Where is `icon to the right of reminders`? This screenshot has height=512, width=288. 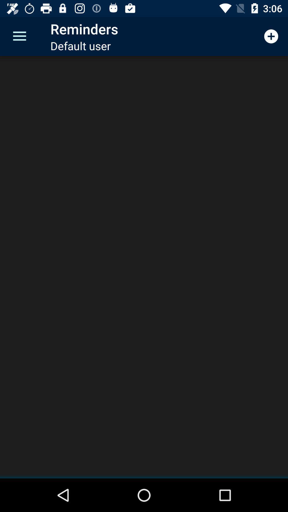 icon to the right of reminders is located at coordinates (271, 36).